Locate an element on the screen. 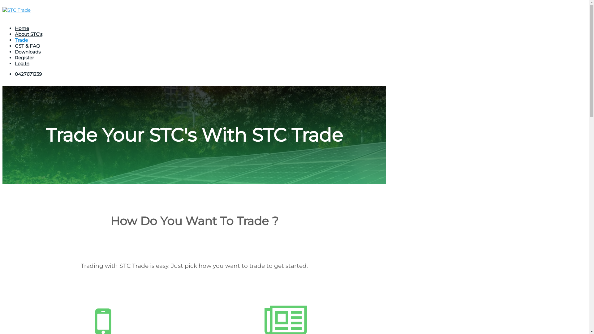  'GST & FAQ' is located at coordinates (27, 45).